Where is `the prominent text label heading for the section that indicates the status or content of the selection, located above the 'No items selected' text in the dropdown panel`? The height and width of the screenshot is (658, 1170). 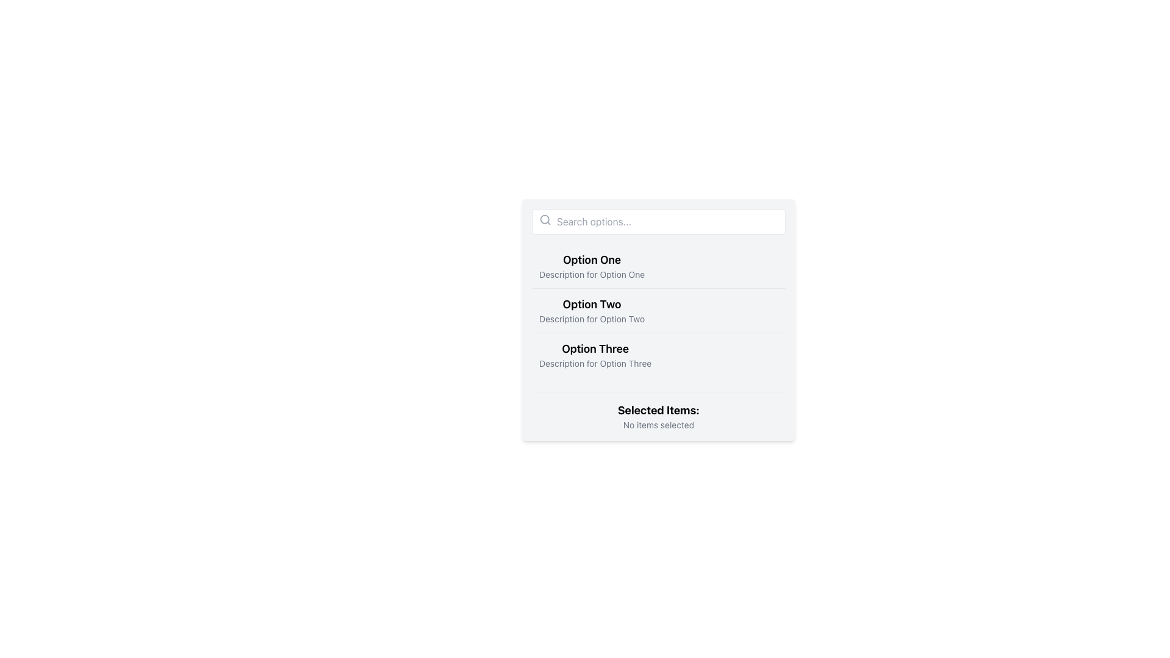 the prominent text label heading for the section that indicates the status or content of the selection, located above the 'No items selected' text in the dropdown panel is located at coordinates (658, 411).